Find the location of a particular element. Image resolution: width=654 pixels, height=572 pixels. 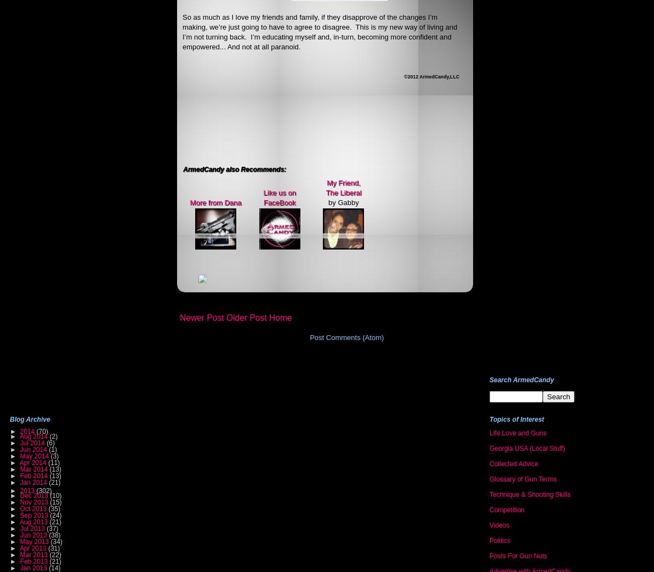

'Jun 2014' is located at coordinates (33, 448).